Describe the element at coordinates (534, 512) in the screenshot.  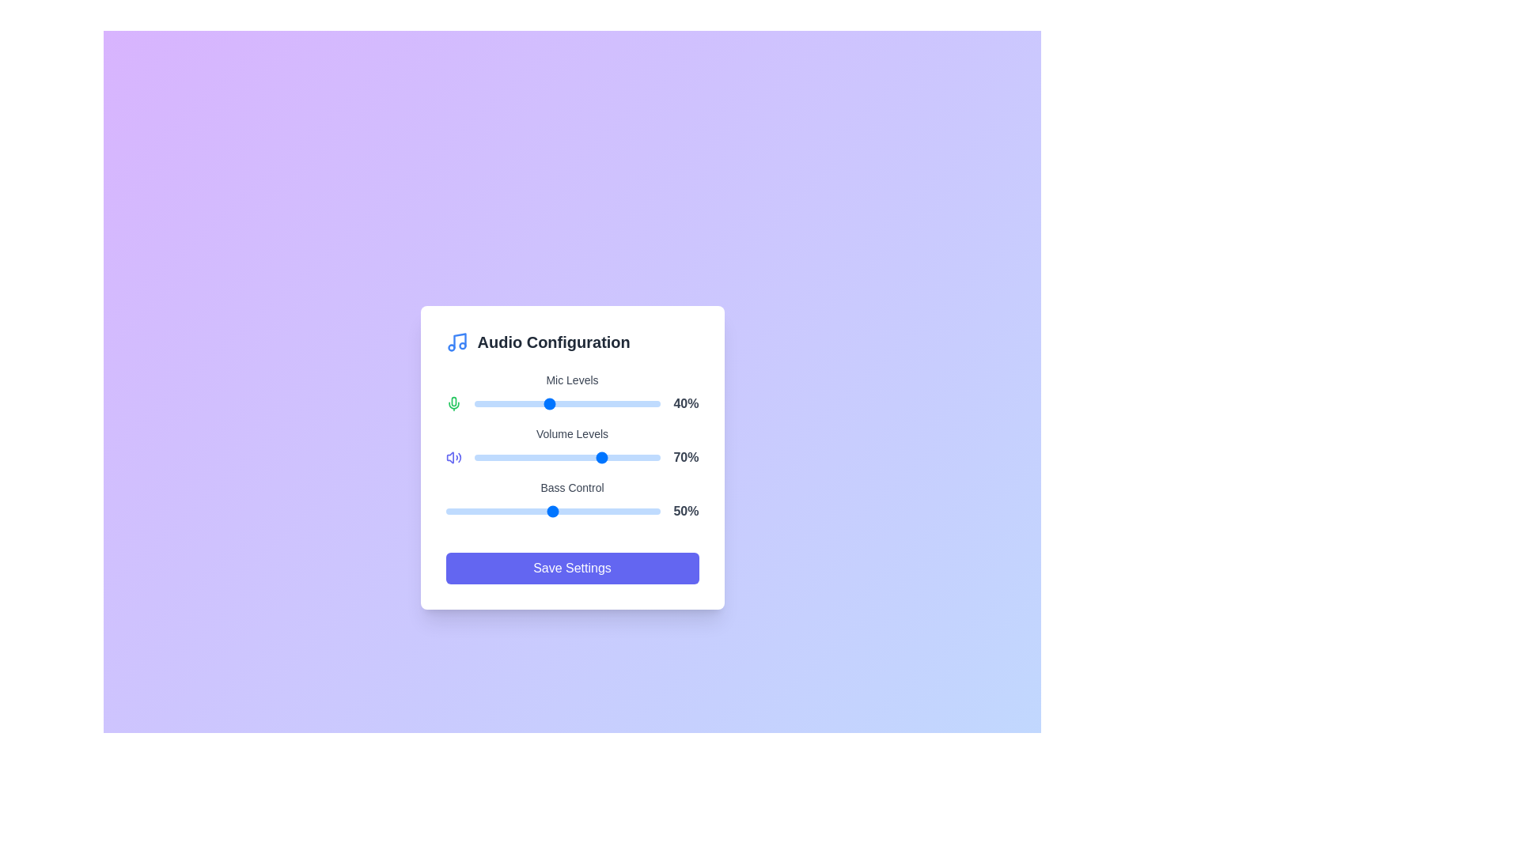
I see `the Bass Control slider to 41% by dragging the slider` at that location.